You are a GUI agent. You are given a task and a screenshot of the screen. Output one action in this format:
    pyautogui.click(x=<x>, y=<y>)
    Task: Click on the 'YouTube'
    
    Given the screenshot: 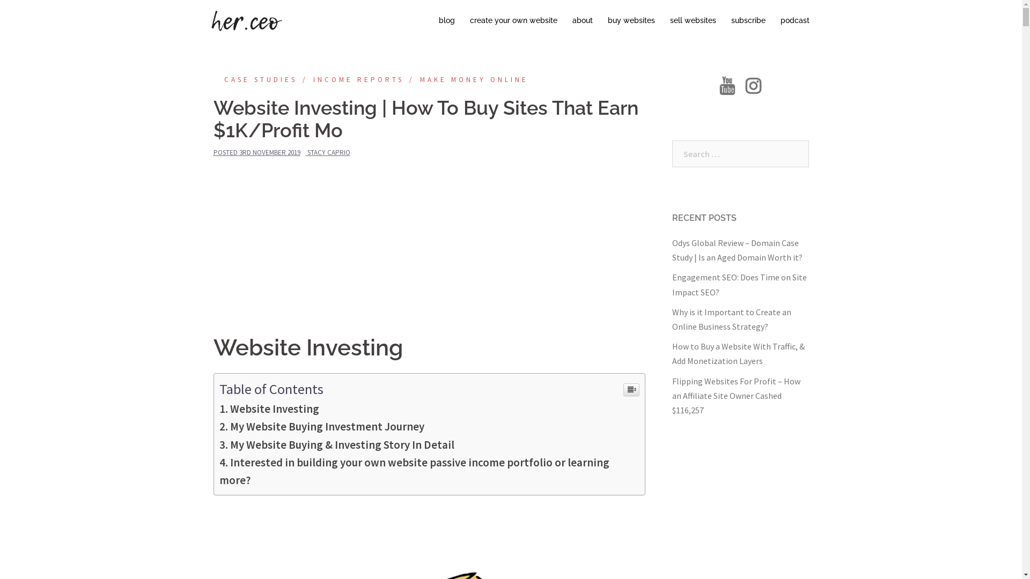 What is the action you would take?
    pyautogui.click(x=727, y=88)
    